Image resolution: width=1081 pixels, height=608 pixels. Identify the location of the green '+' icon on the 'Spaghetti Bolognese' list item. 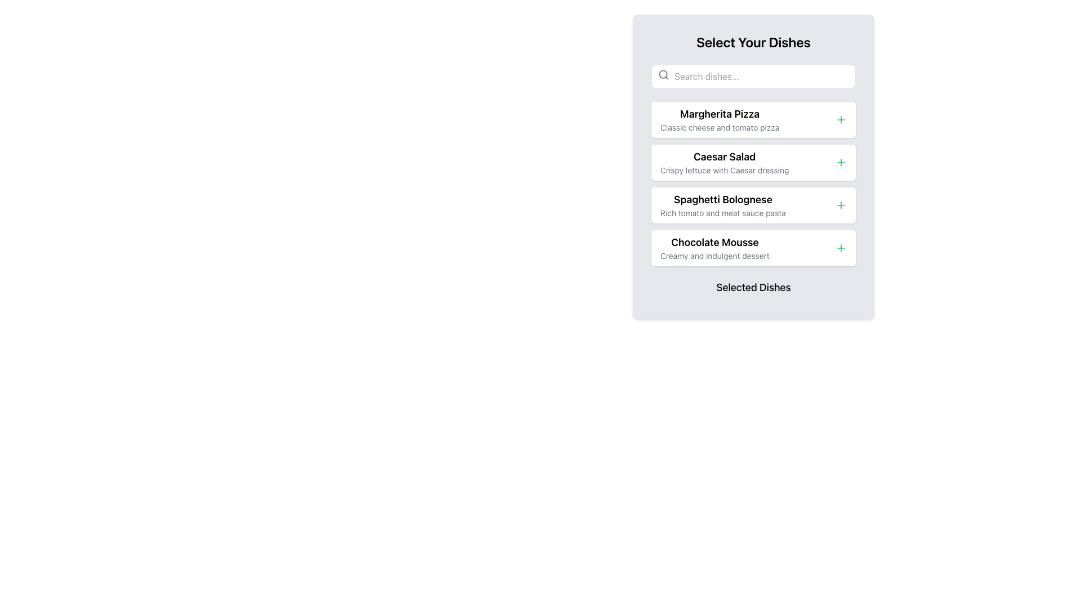
(753, 205).